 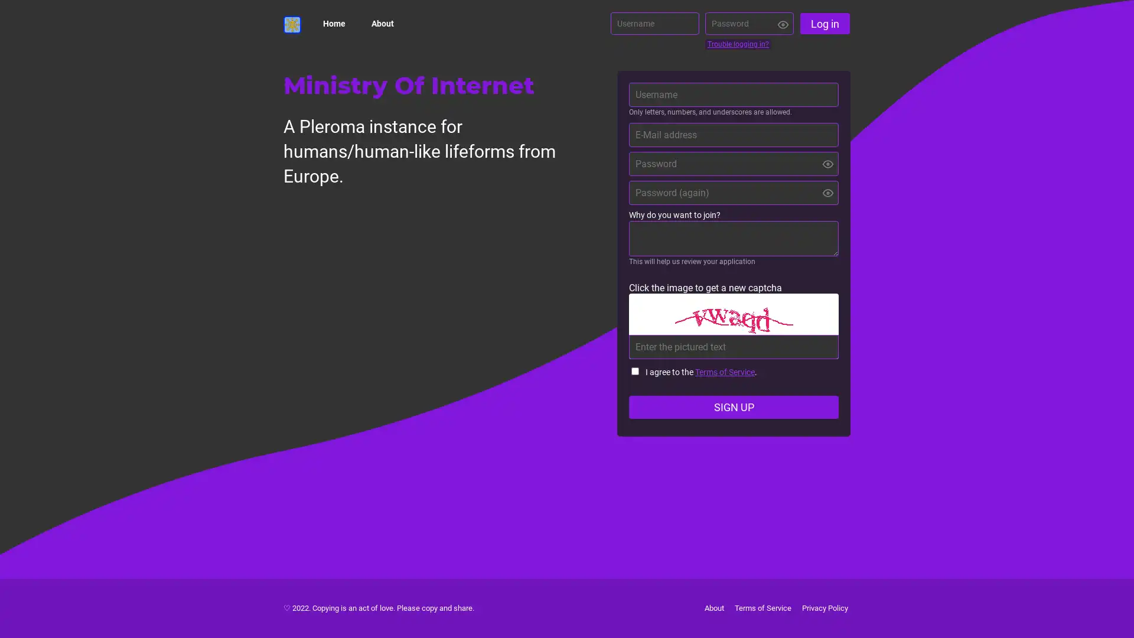 I want to click on Log in, so click(x=824, y=23).